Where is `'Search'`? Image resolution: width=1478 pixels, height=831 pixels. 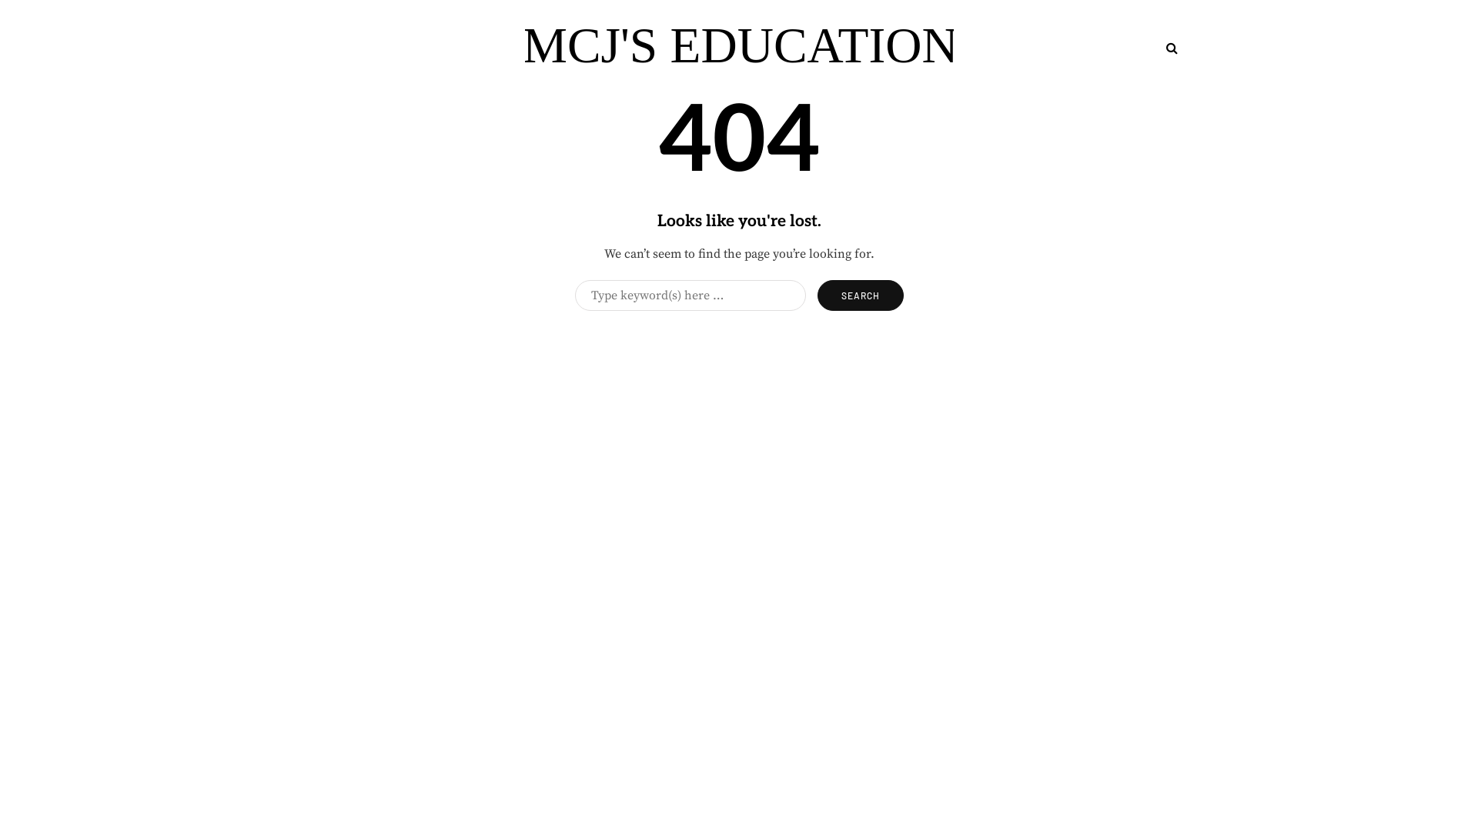 'Search' is located at coordinates (860, 295).